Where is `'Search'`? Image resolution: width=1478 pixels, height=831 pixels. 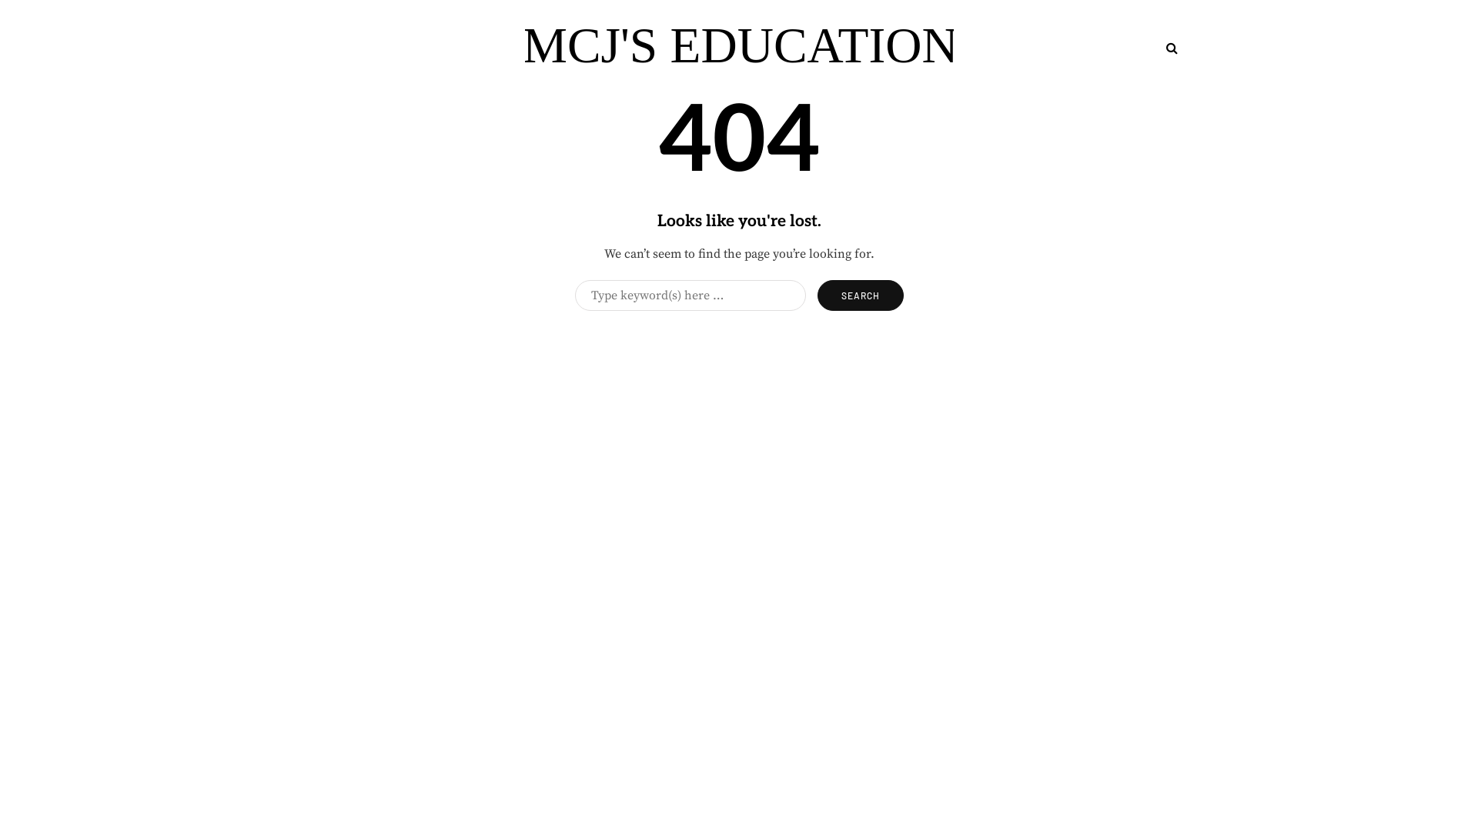 'Search' is located at coordinates (860, 295).